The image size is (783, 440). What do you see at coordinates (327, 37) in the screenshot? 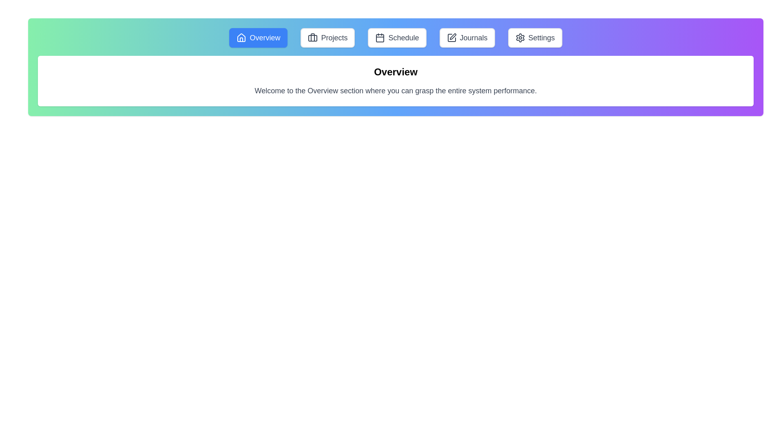
I see `the 'Projects' navigation tab button, which has a white background and gray text, to possibly see a tooltip or visual feedback` at bounding box center [327, 37].